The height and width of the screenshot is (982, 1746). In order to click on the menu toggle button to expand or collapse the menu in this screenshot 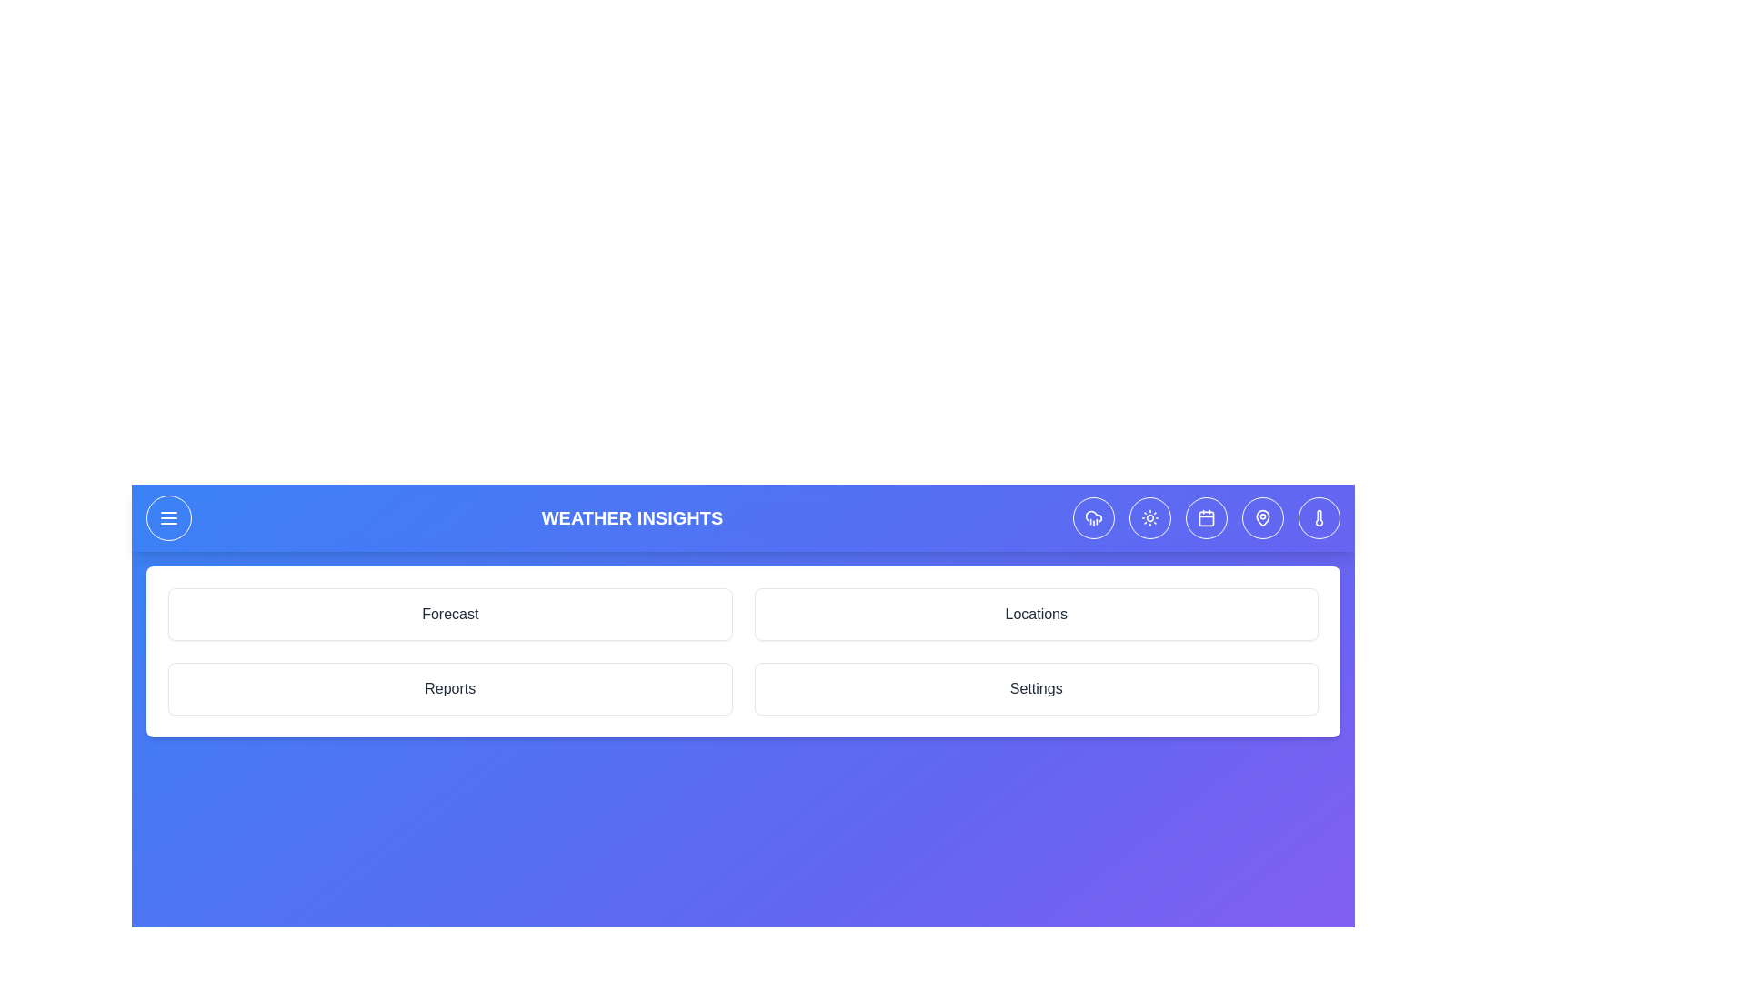, I will do `click(169, 518)`.